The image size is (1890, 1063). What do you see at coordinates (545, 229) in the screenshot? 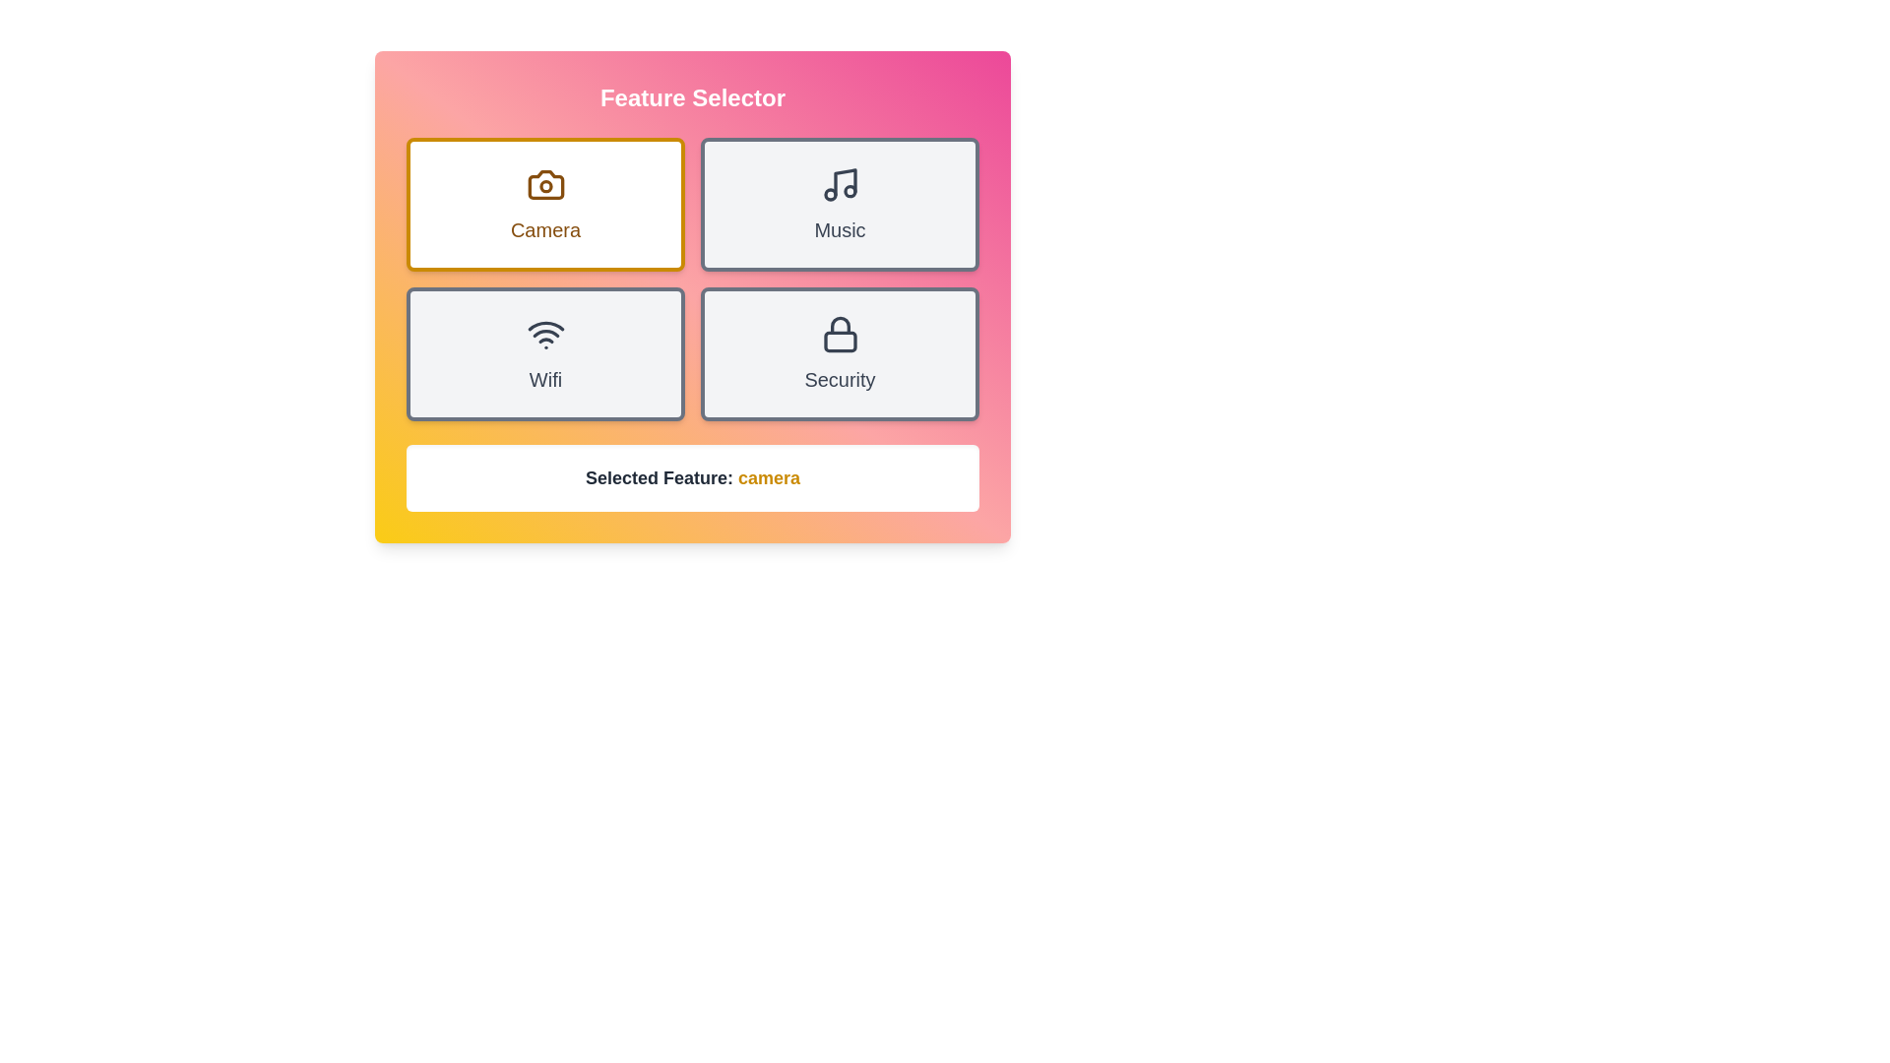
I see `the Text Label that describes the 'Camera' feature, located in the top-left card of the grid under the 'Feature Selector' header` at bounding box center [545, 229].